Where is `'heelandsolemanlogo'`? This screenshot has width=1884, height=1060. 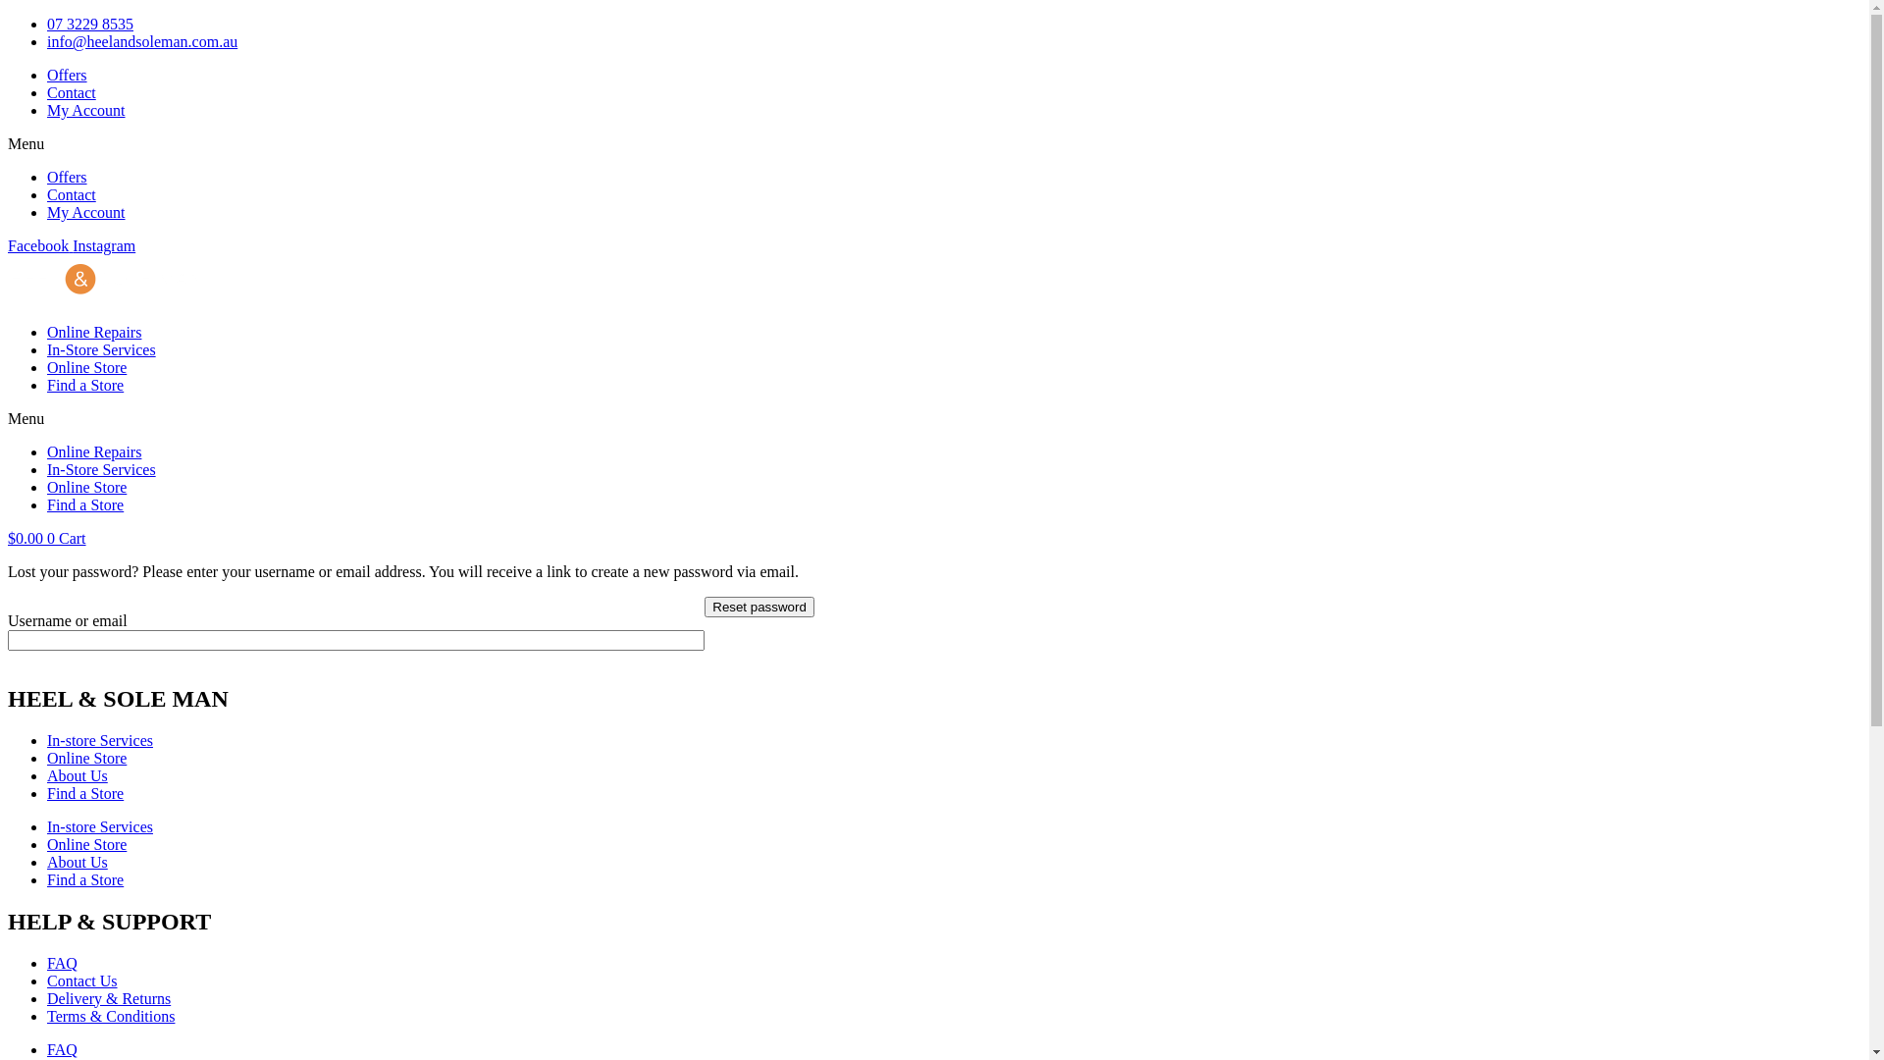 'heelandsolemanlogo' is located at coordinates (8, 280).